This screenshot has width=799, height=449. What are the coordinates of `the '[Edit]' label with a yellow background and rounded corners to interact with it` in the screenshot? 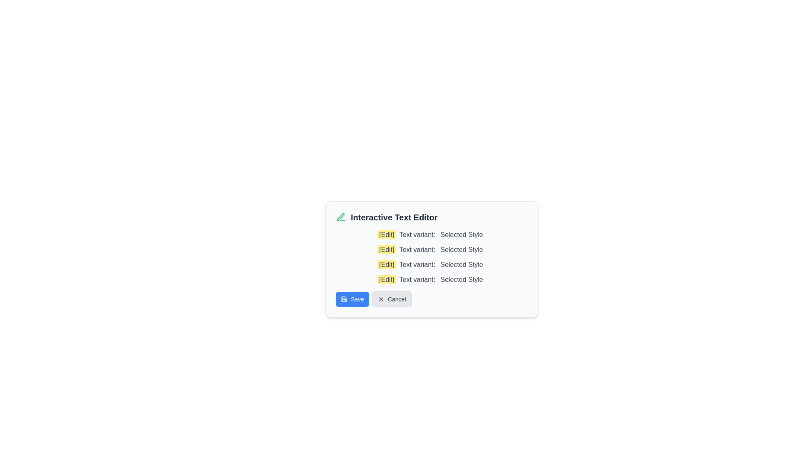 It's located at (386, 264).